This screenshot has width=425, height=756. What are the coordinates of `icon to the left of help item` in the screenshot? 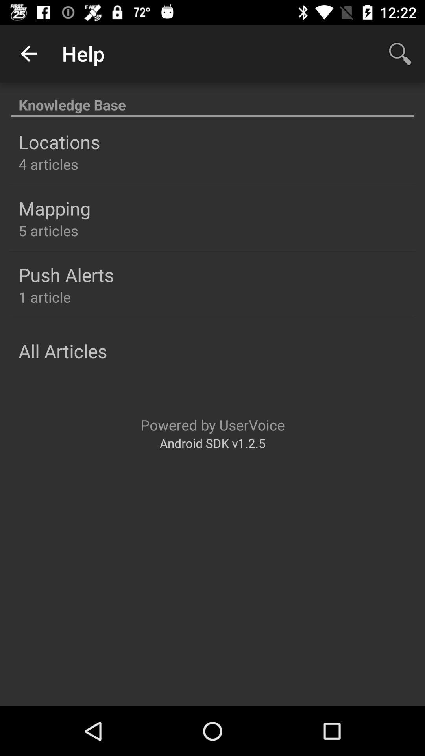 It's located at (28, 53).